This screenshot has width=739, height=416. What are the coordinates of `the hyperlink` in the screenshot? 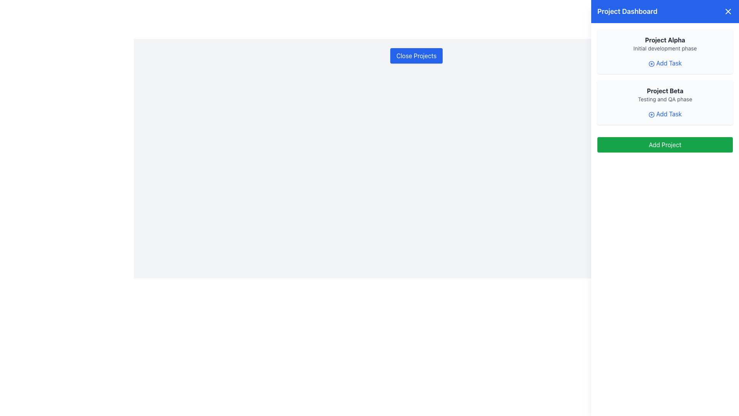 It's located at (665, 114).